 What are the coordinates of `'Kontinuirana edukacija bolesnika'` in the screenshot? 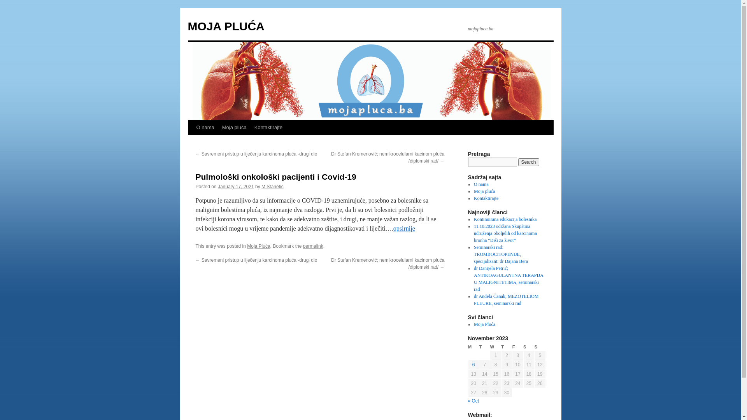 It's located at (505, 219).